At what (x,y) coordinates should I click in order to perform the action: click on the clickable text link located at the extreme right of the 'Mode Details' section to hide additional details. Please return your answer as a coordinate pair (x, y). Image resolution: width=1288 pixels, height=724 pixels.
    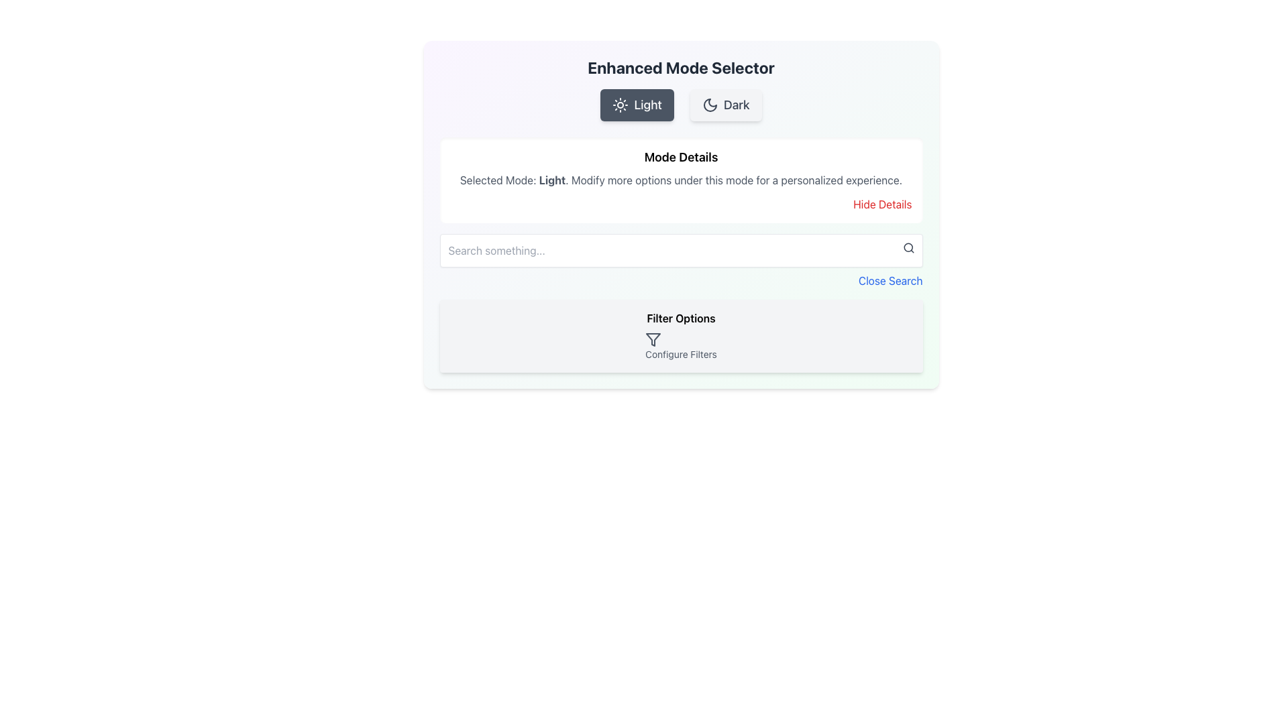
    Looking at the image, I should click on (882, 204).